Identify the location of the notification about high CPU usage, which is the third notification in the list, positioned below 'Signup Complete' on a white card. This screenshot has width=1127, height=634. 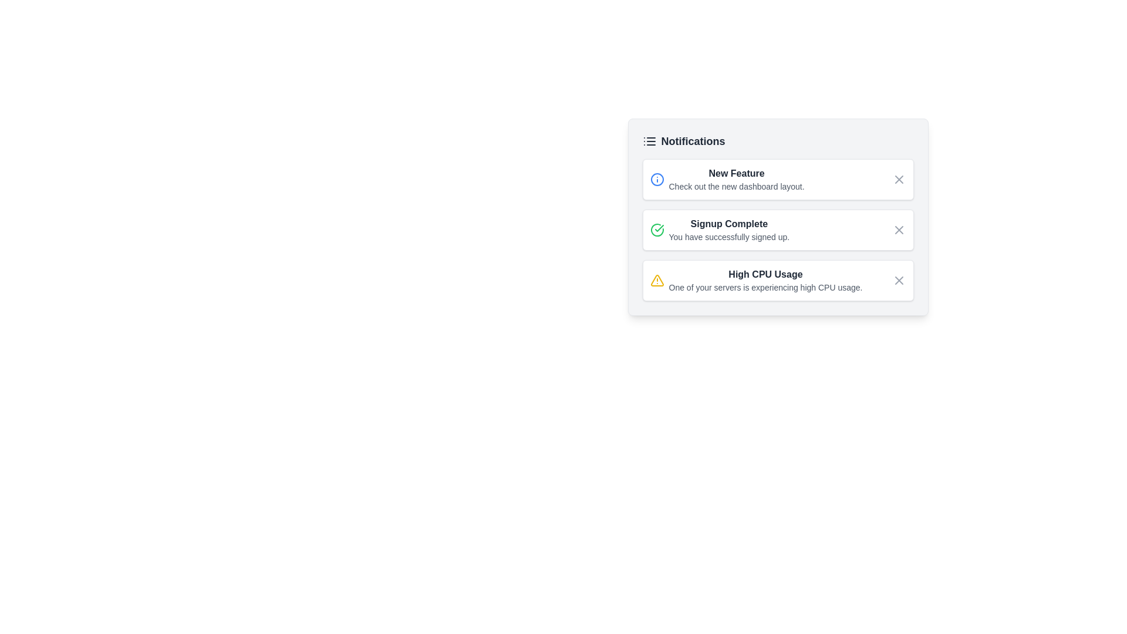
(756, 281).